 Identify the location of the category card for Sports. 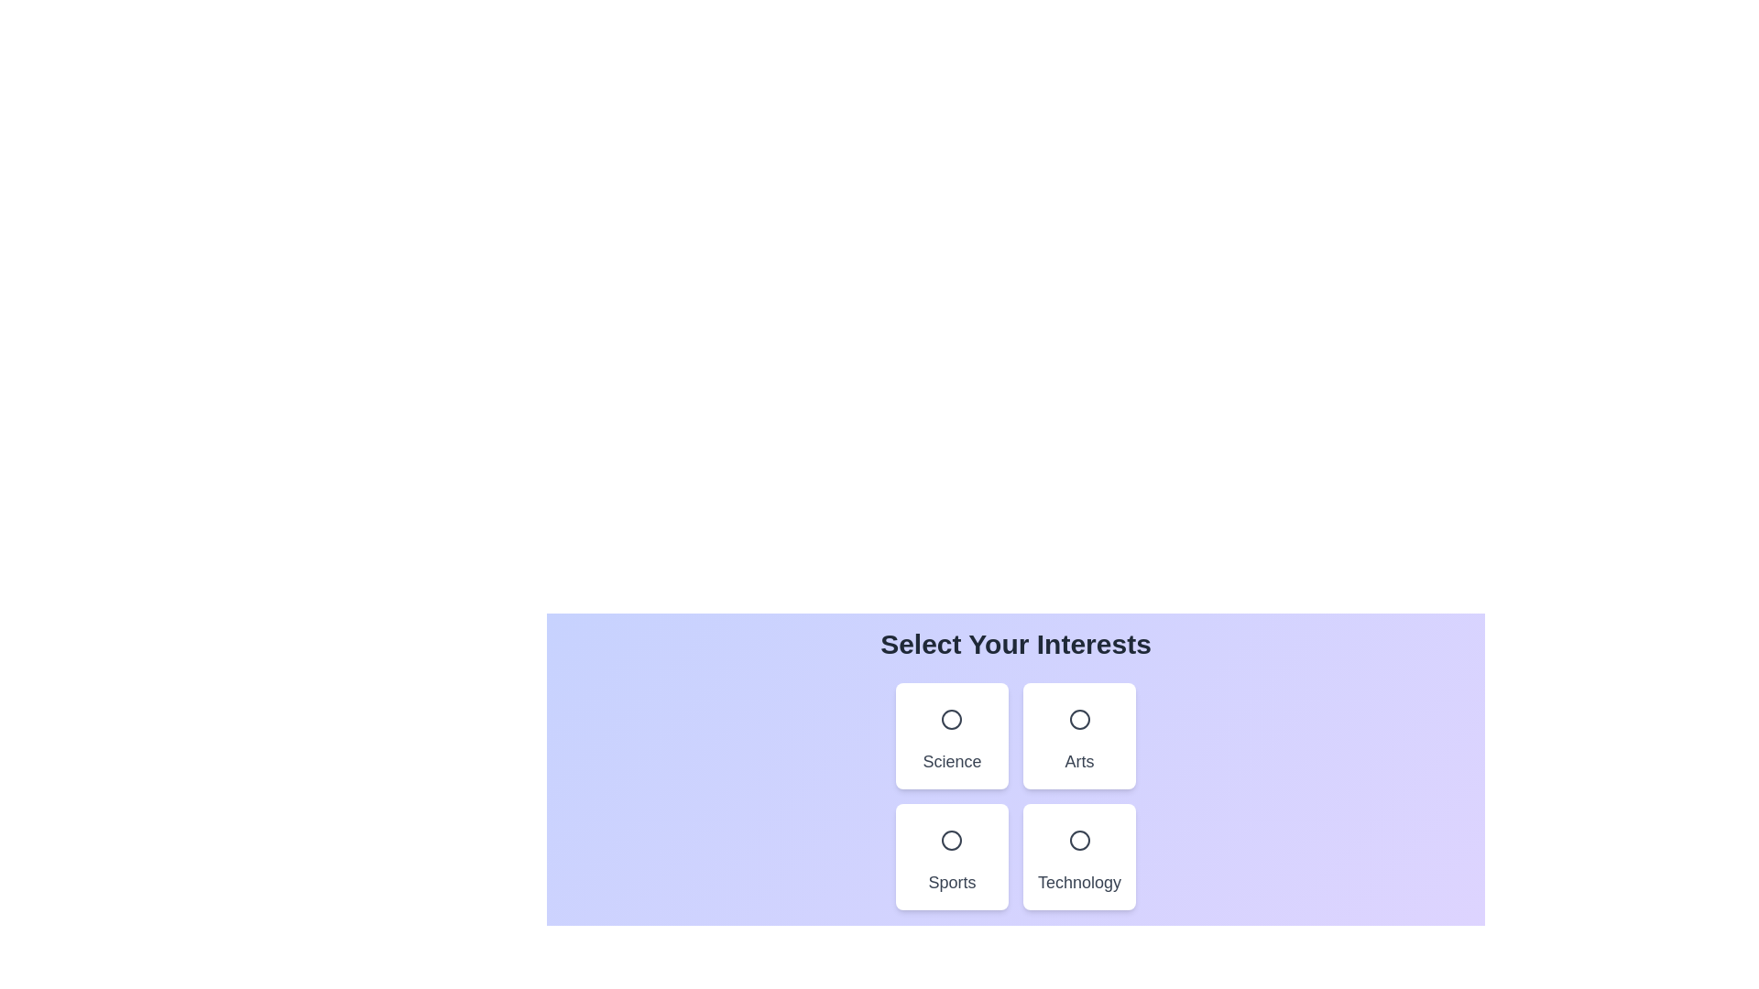
(951, 857).